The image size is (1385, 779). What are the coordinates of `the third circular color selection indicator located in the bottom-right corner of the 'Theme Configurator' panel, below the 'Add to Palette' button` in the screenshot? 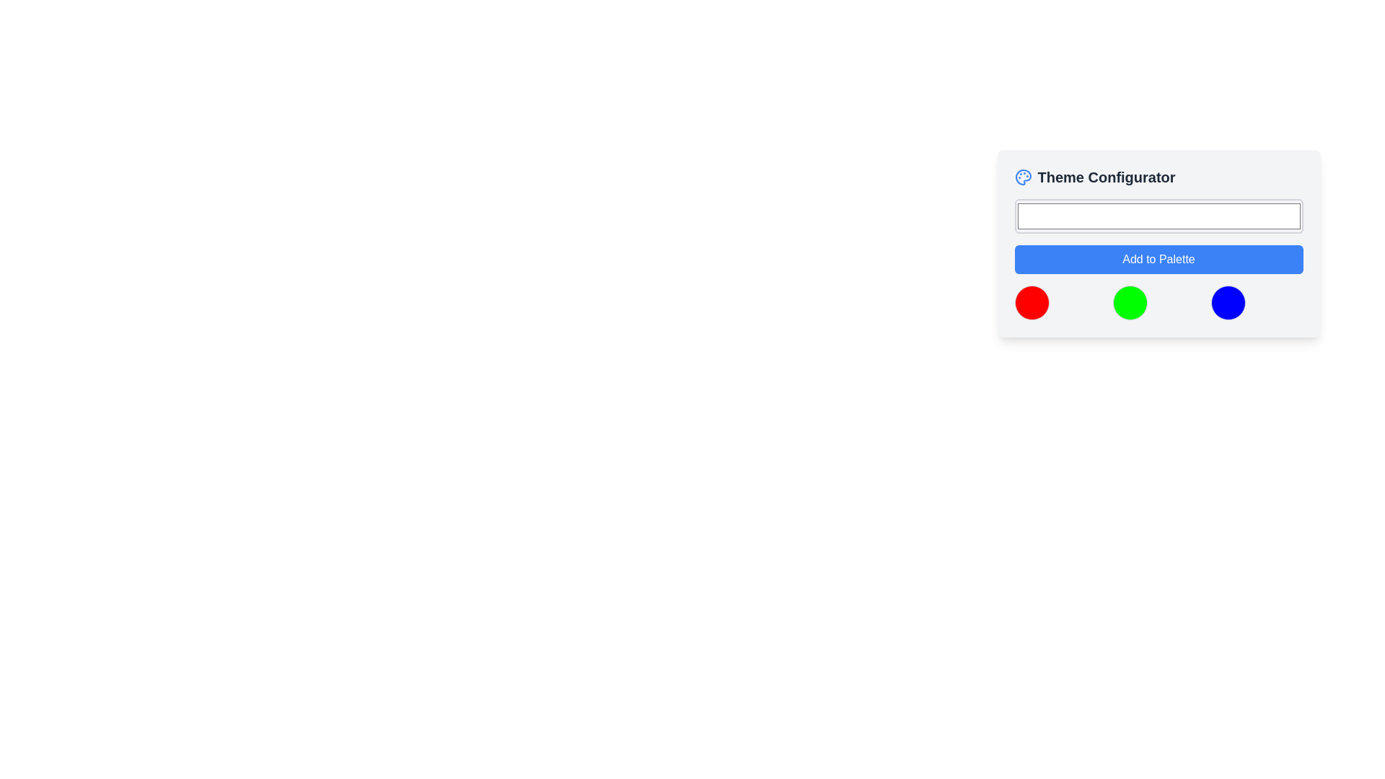 It's located at (1227, 302).